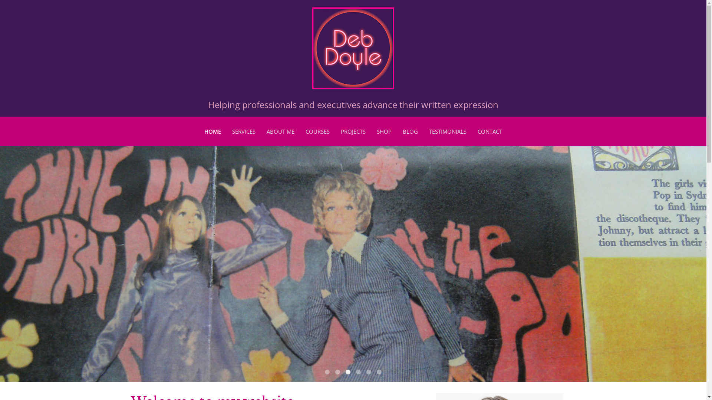  I want to click on 'SERVICES', so click(244, 131).